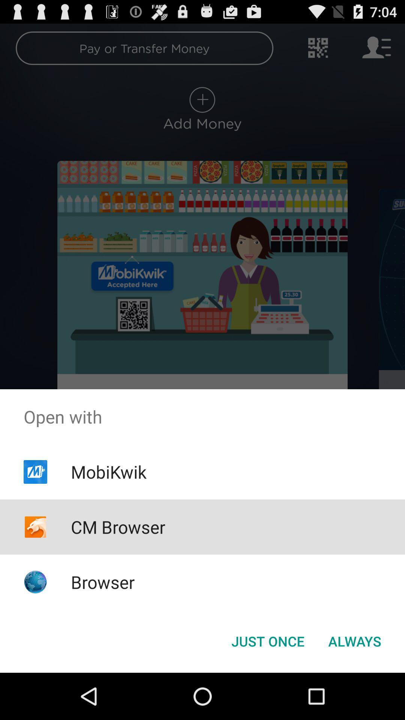 Image resolution: width=405 pixels, height=720 pixels. I want to click on the icon next to the just once, so click(354, 640).